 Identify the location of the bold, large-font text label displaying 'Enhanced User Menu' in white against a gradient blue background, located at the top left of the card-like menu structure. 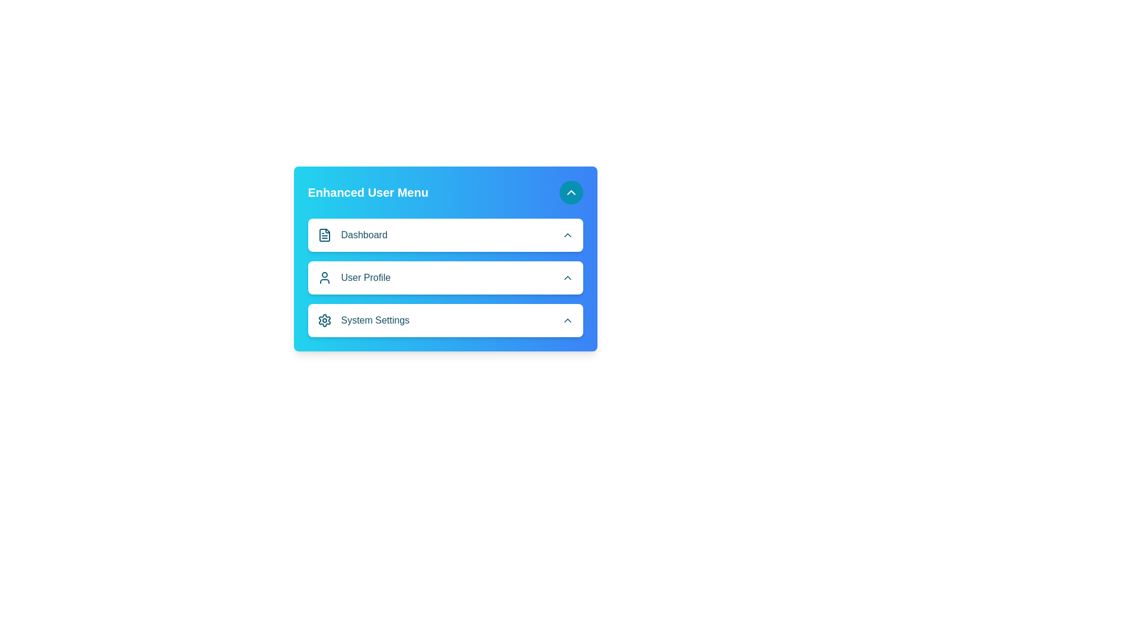
(367, 191).